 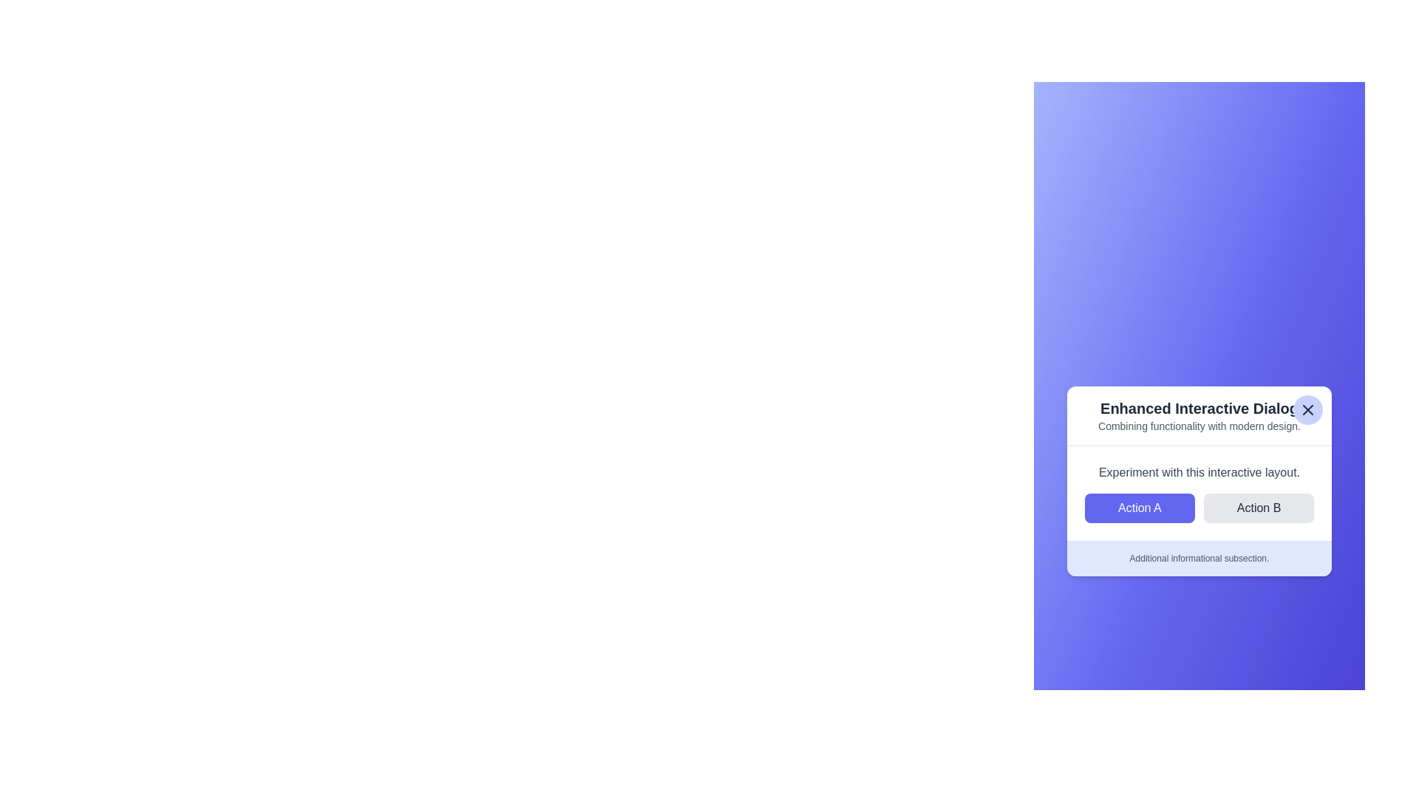 I want to click on the static text label displaying 'Additional informational subsection', which is located centrally below the action buttons 'Action A' and 'Action B' in the indigo-shaded background of a modal, so click(x=1199, y=558).